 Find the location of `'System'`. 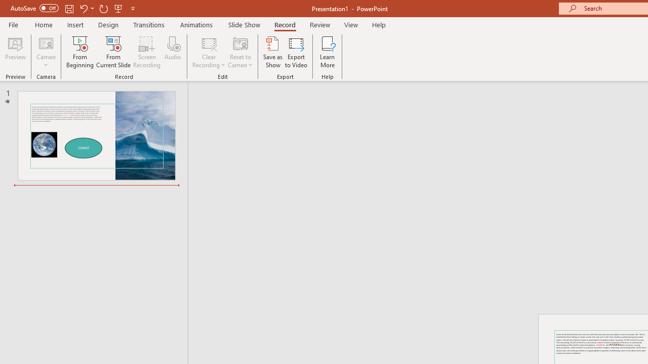

'System' is located at coordinates (5, 6).